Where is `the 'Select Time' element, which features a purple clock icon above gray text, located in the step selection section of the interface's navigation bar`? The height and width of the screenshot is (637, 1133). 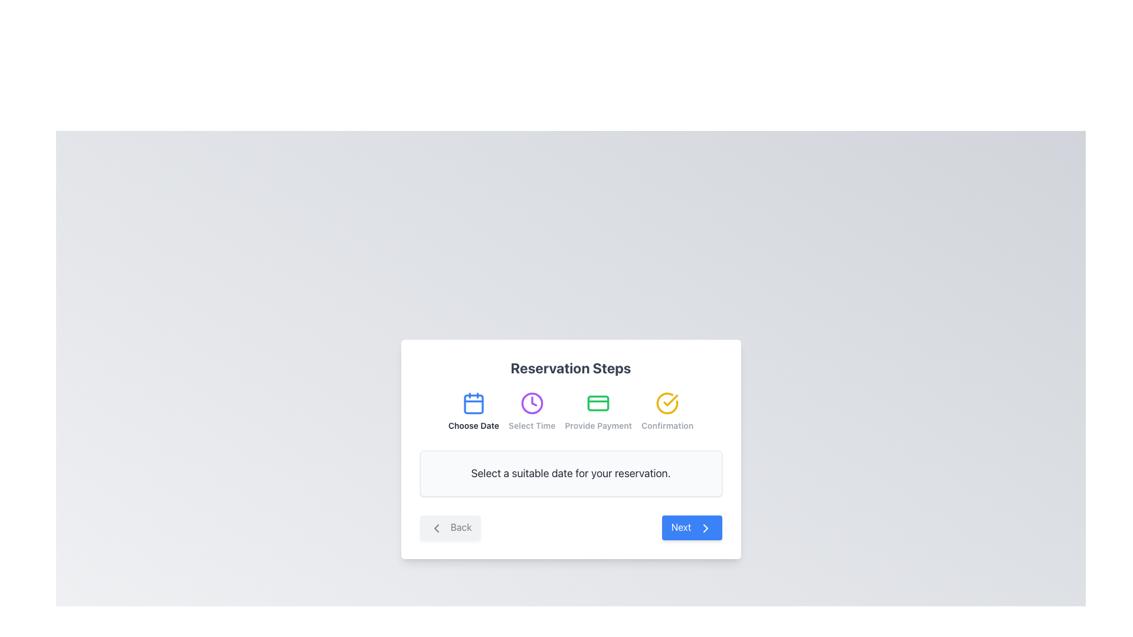 the 'Select Time' element, which features a purple clock icon above gray text, located in the step selection section of the interface's navigation bar is located at coordinates (531, 411).